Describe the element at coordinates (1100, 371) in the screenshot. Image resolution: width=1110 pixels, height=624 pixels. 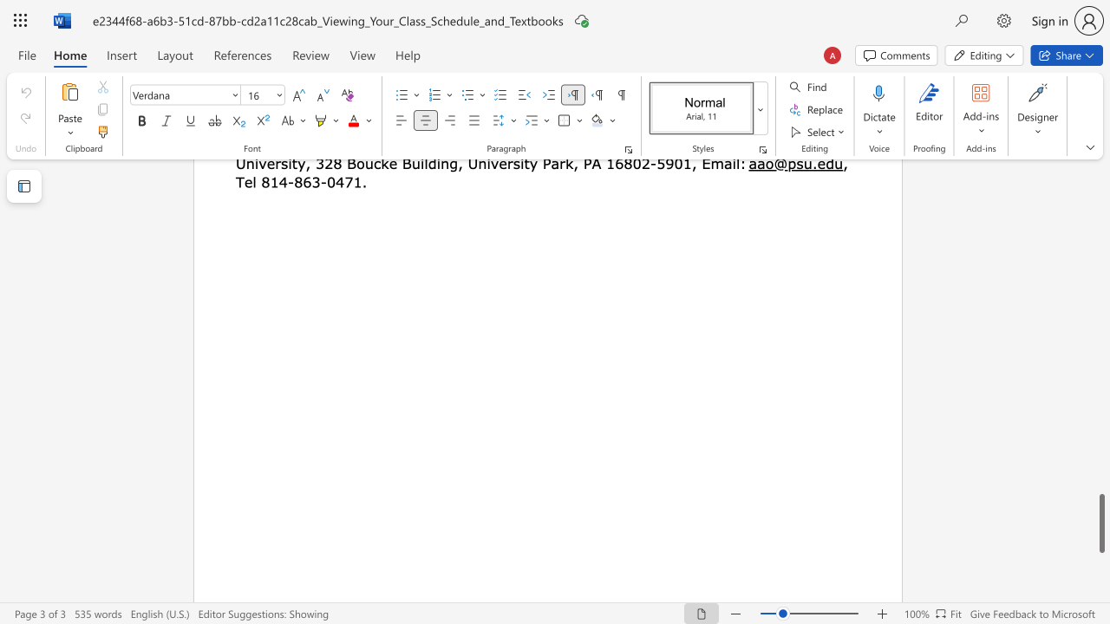
I see `the scrollbar` at that location.